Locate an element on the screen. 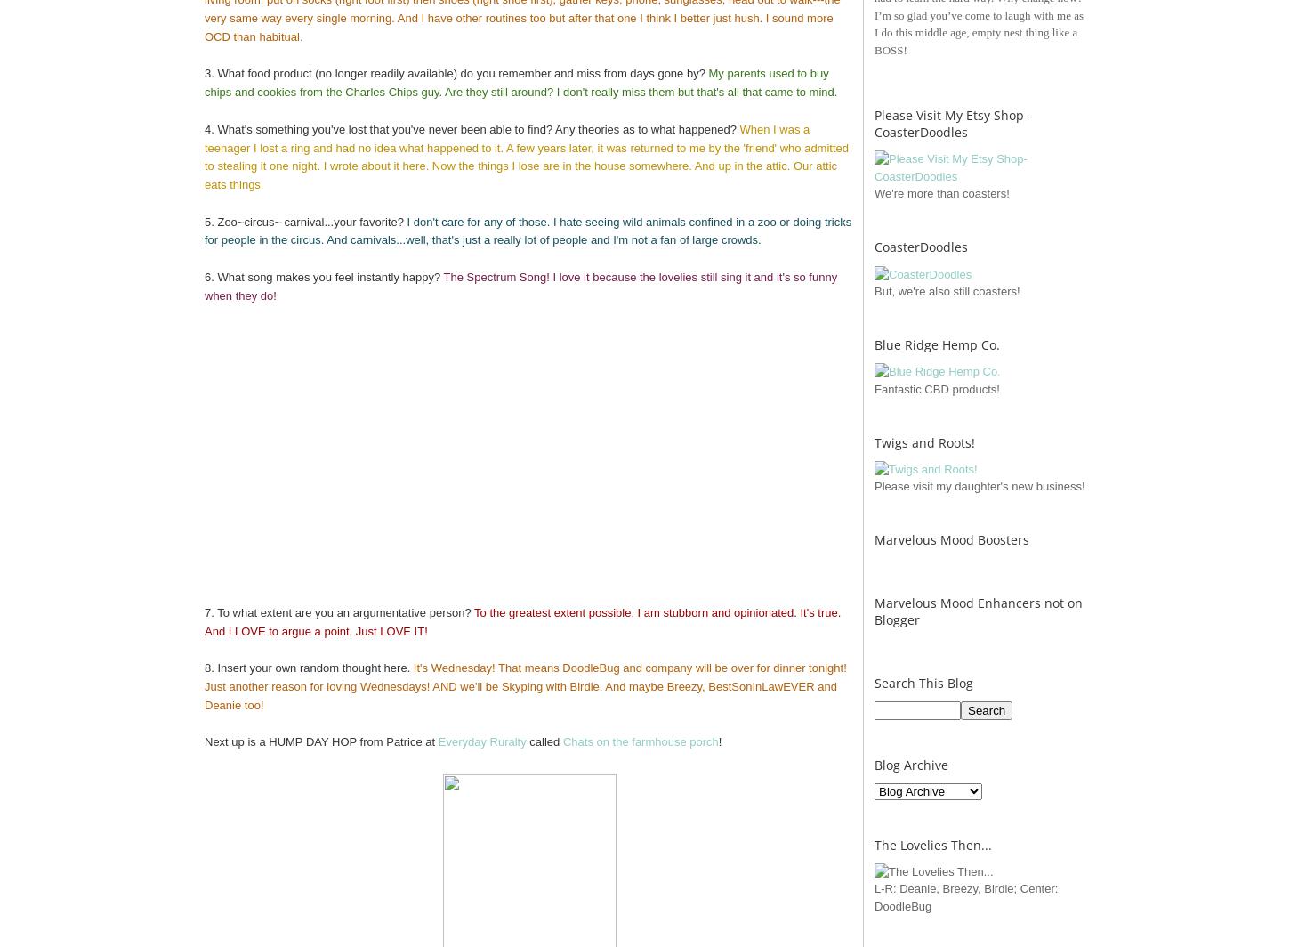 The width and height of the screenshot is (1290, 947). 'Marvelous Mood Enhancers not on Blogger' is located at coordinates (874, 611).